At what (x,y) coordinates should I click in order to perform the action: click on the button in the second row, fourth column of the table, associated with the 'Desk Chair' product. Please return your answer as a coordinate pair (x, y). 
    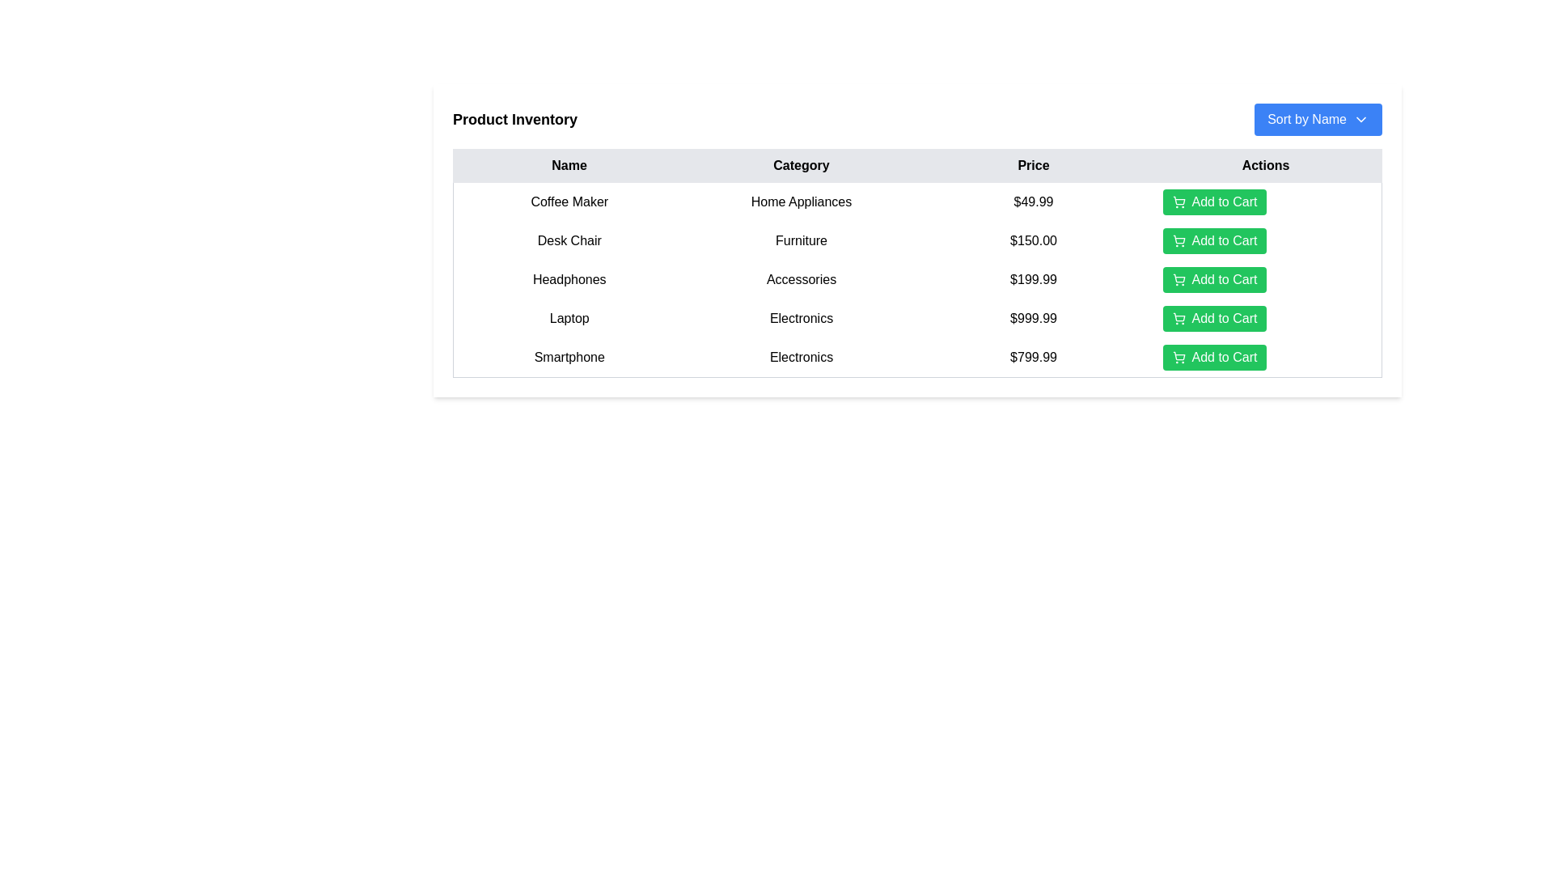
    Looking at the image, I should click on (1264, 240).